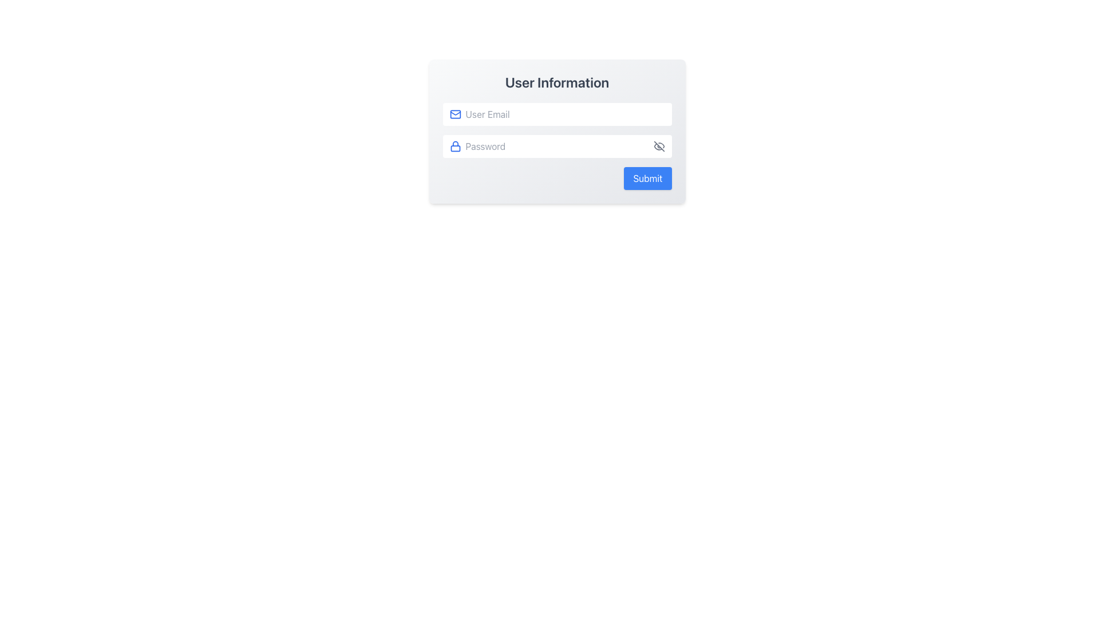  What do you see at coordinates (647, 179) in the screenshot?
I see `the 'Submit' button located at the bottom-right corner of the user input form` at bounding box center [647, 179].